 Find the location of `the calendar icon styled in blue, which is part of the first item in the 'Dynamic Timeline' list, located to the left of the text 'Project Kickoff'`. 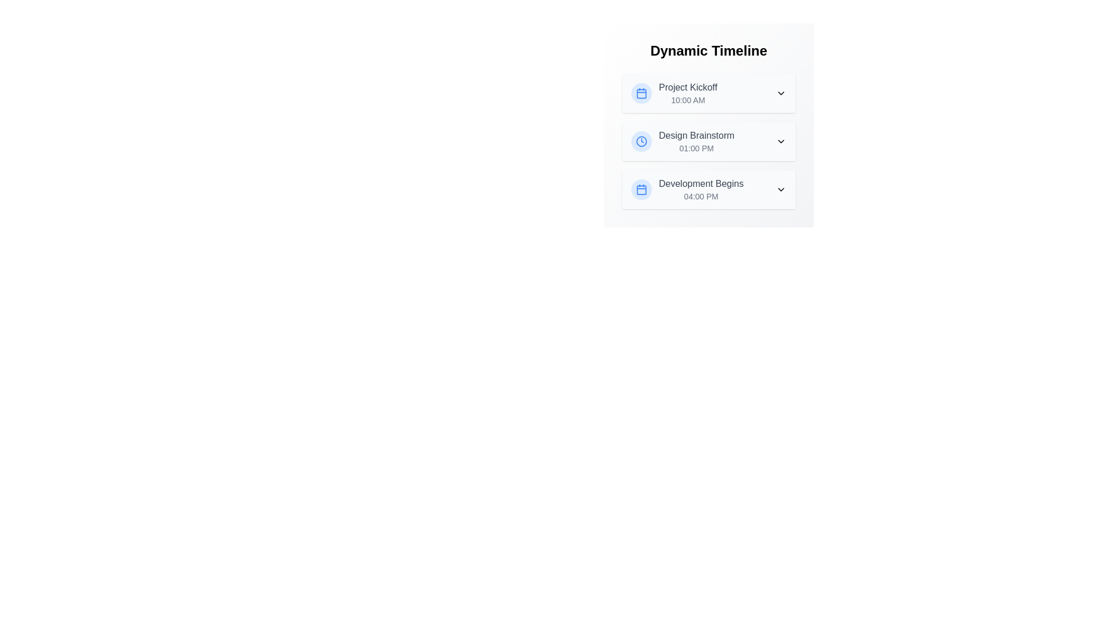

the calendar icon styled in blue, which is part of the first item in the 'Dynamic Timeline' list, located to the left of the text 'Project Kickoff' is located at coordinates (641, 92).